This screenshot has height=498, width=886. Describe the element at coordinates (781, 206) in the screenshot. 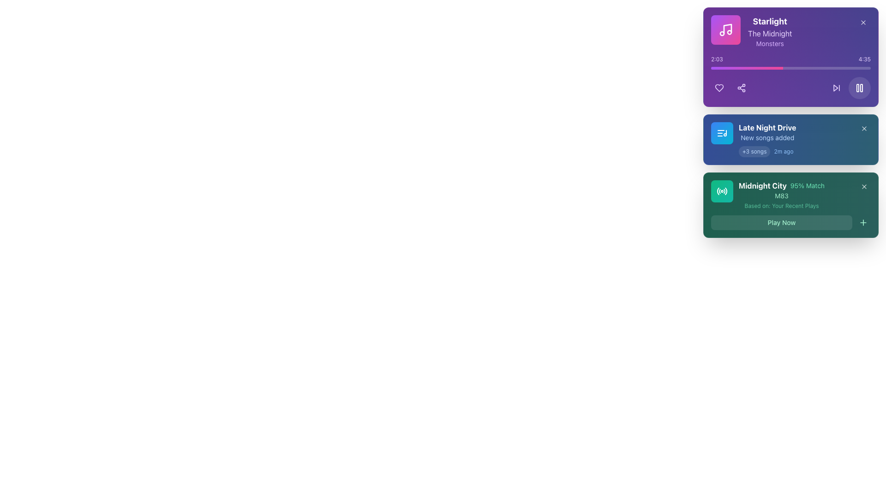

I see `the contextual information label located at the bottom of the green card labeled 'Midnight City', which is positioned beneath the text 'M83' and above the 'Play Now' button` at that location.